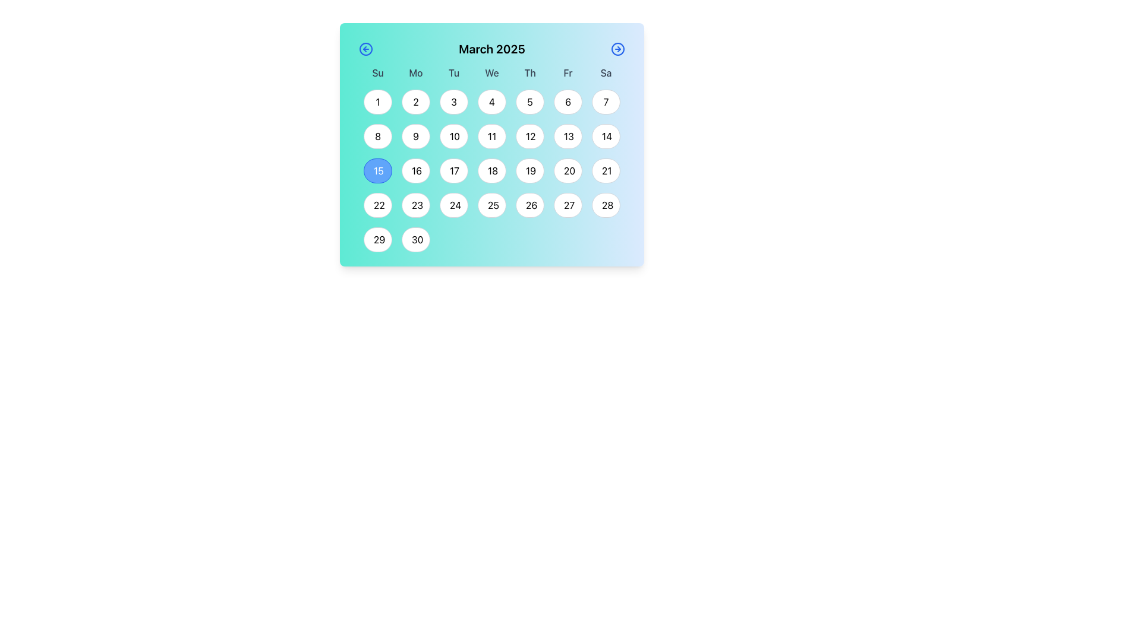 Image resolution: width=1141 pixels, height=641 pixels. I want to click on the circular button displaying the number '10' for extended date options, so click(453, 136).